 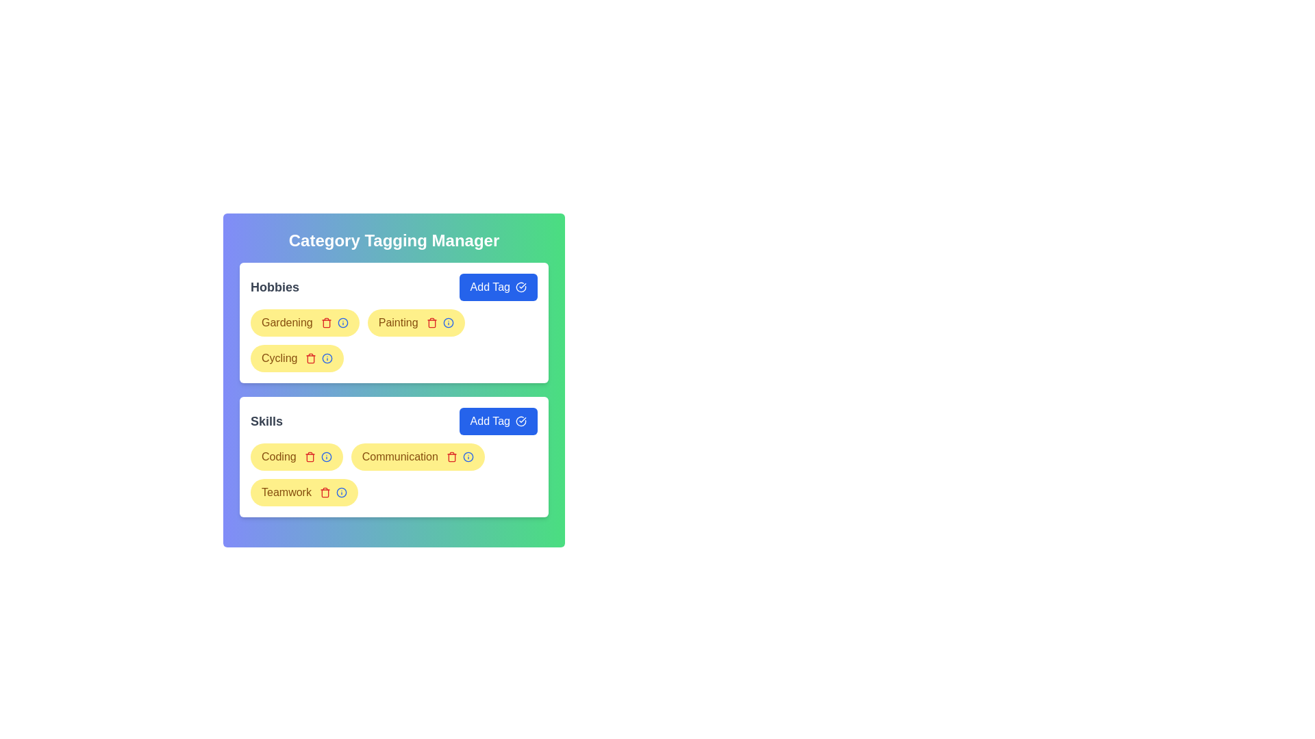 What do you see at coordinates (341, 493) in the screenshot?
I see `the circular blue info icon next to the text 'Teamwork' in the 'Skills' section` at bounding box center [341, 493].